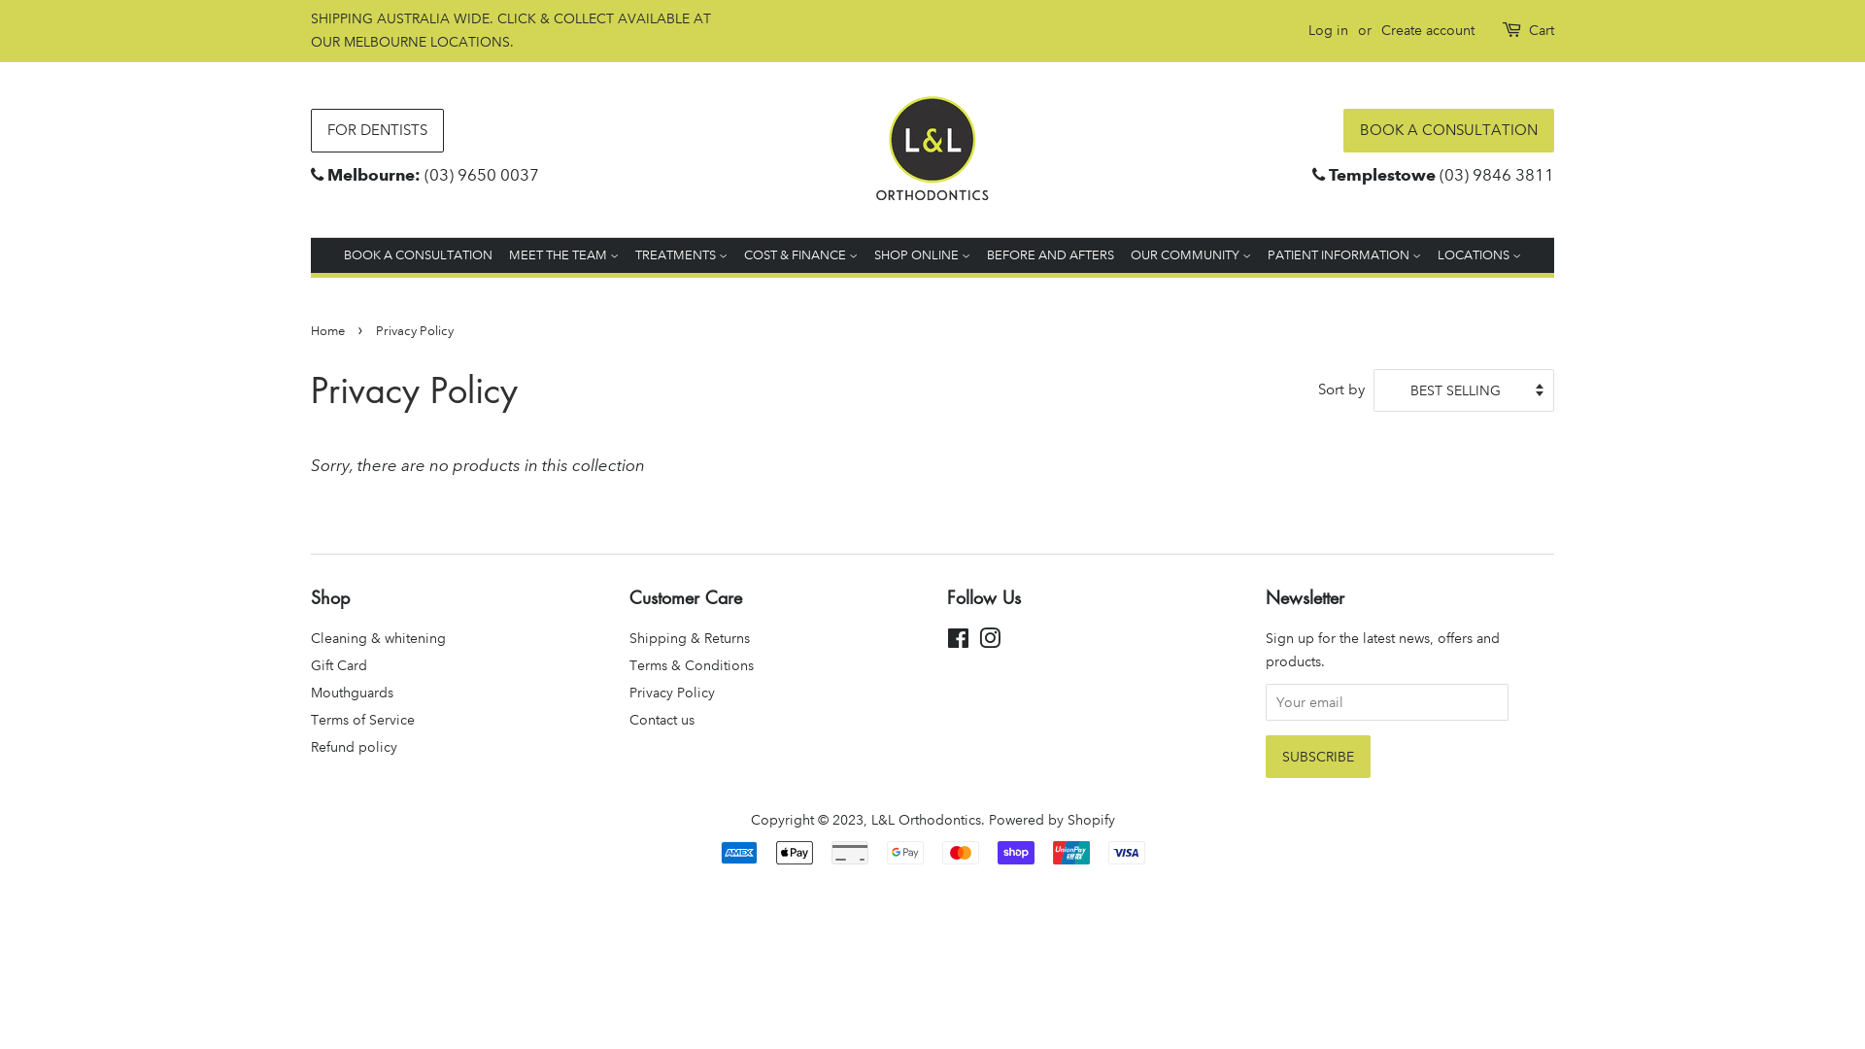 This screenshot has width=1865, height=1049. Describe the element at coordinates (924, 820) in the screenshot. I see `'L&L Orthodontics'` at that location.